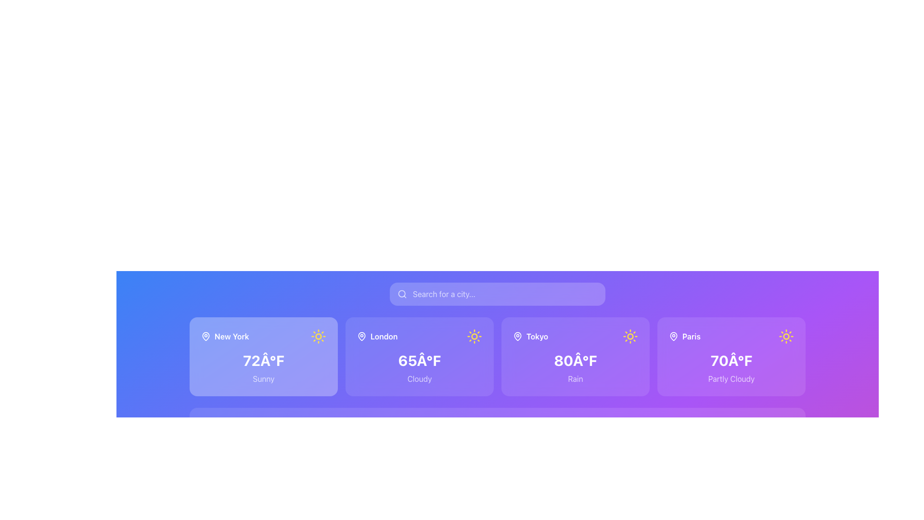 This screenshot has width=924, height=520. What do you see at coordinates (377, 336) in the screenshot?
I see `the text label that indicates the location 'London' on the second card from the left in the weather interface` at bounding box center [377, 336].